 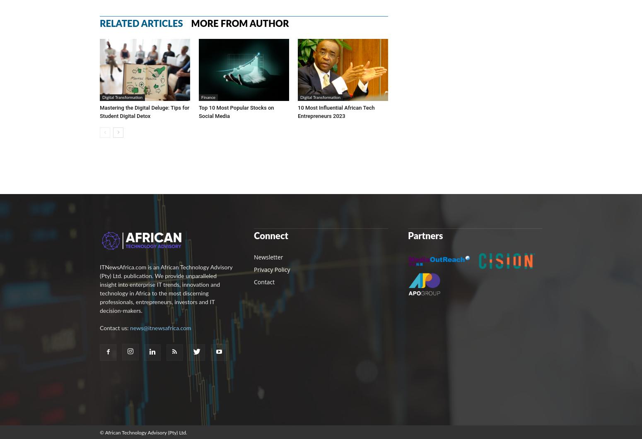 I want to click on 'MORE FROM AUTHOR', so click(x=239, y=23).